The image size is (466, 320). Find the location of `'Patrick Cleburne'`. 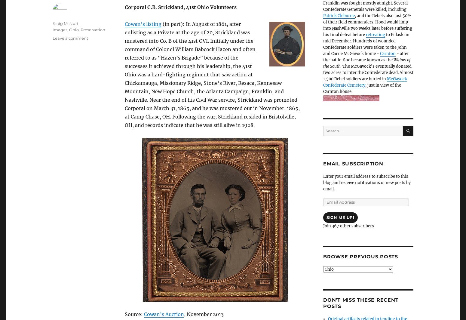

'Patrick Cleburne' is located at coordinates (339, 16).